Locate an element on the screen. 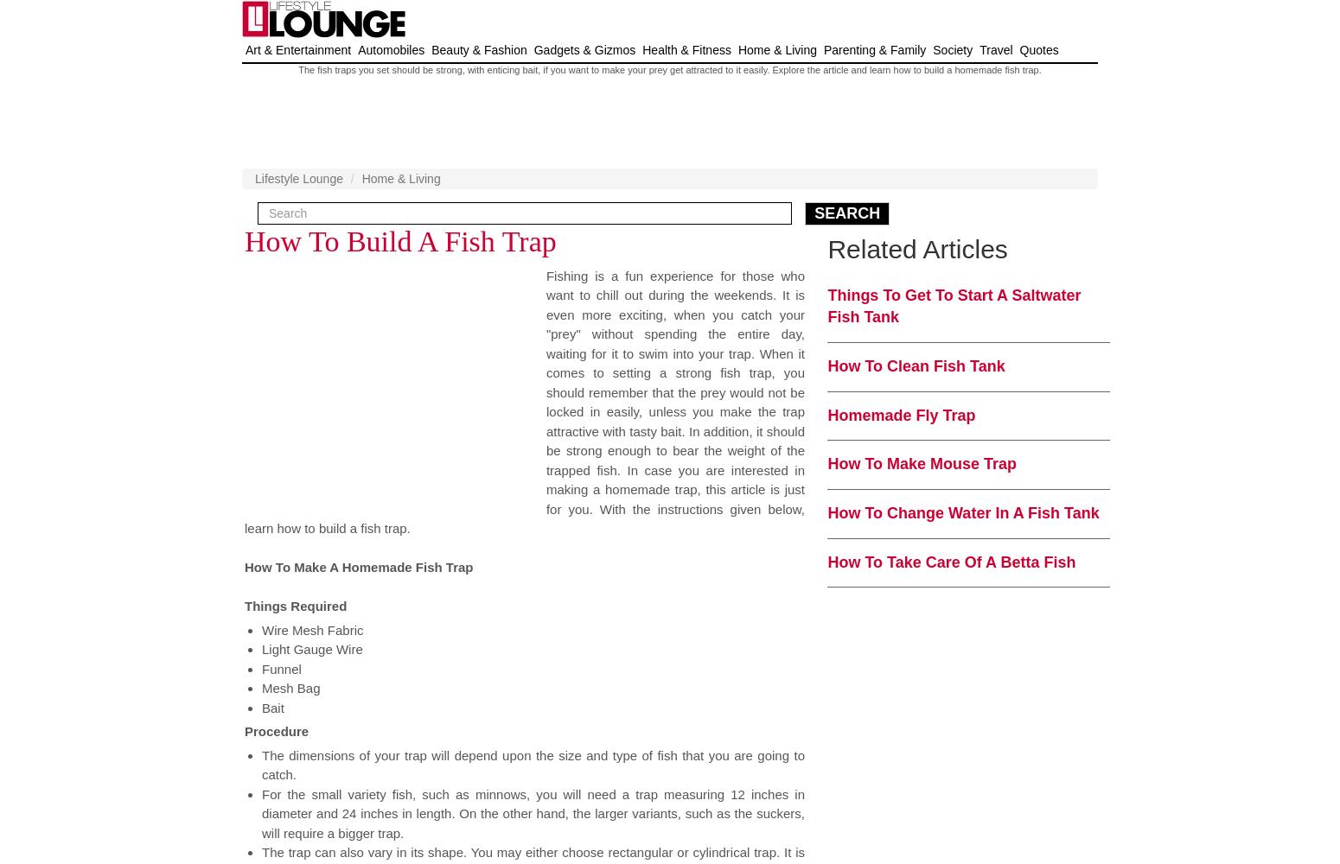 The image size is (1340, 864). 'The dimensions of your trap will depend upon the size and type of fish that you are going to catch.' is located at coordinates (533, 765).